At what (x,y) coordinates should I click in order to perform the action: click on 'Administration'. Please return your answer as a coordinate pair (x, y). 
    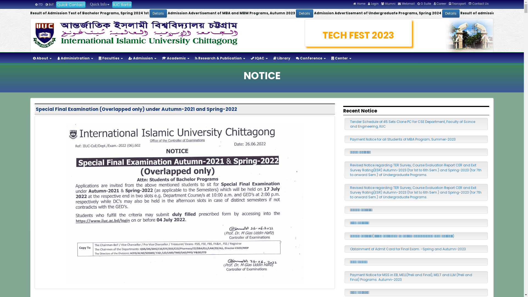
    Looking at the image, I should click on (75, 58).